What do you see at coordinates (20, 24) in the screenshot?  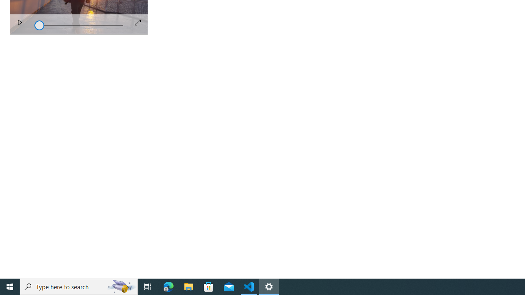 I see `'Play'` at bounding box center [20, 24].